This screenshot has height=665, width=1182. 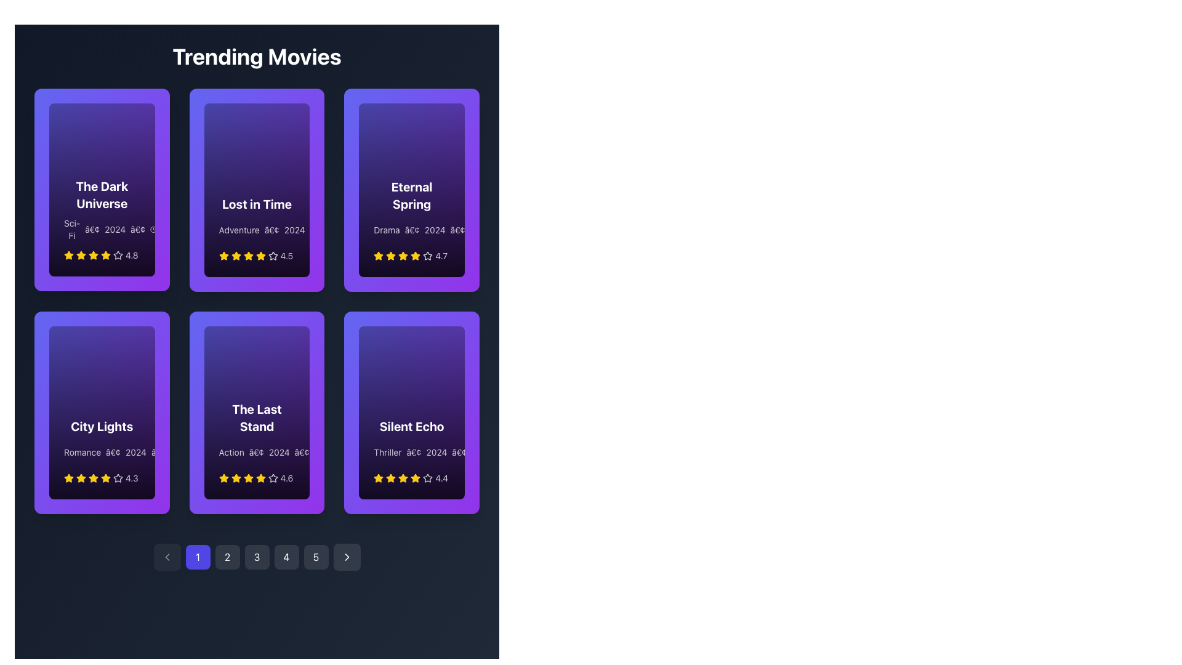 What do you see at coordinates (272, 255) in the screenshot?
I see `the fifth star icon in the rating system of the movie 'Lost in Time' to interact with the empty (unfilled) state of the star` at bounding box center [272, 255].